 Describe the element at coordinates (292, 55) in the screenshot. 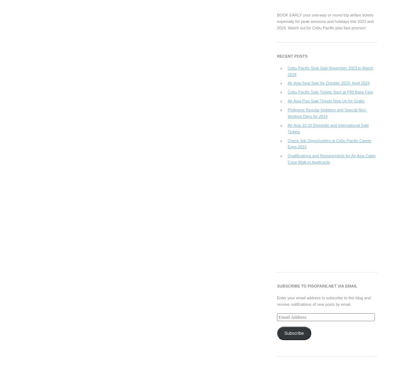

I see `'Recent Posts'` at that location.